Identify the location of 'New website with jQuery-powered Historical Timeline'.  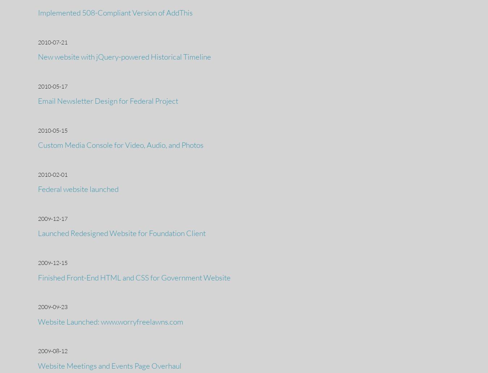
(38, 56).